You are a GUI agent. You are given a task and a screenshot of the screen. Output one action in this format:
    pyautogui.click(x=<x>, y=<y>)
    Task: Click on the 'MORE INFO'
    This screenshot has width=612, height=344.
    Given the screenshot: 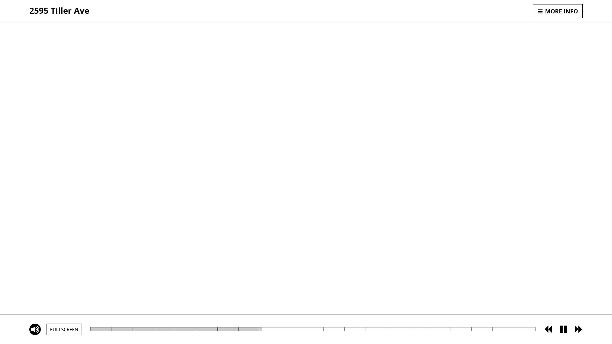 What is the action you would take?
    pyautogui.click(x=557, y=11)
    